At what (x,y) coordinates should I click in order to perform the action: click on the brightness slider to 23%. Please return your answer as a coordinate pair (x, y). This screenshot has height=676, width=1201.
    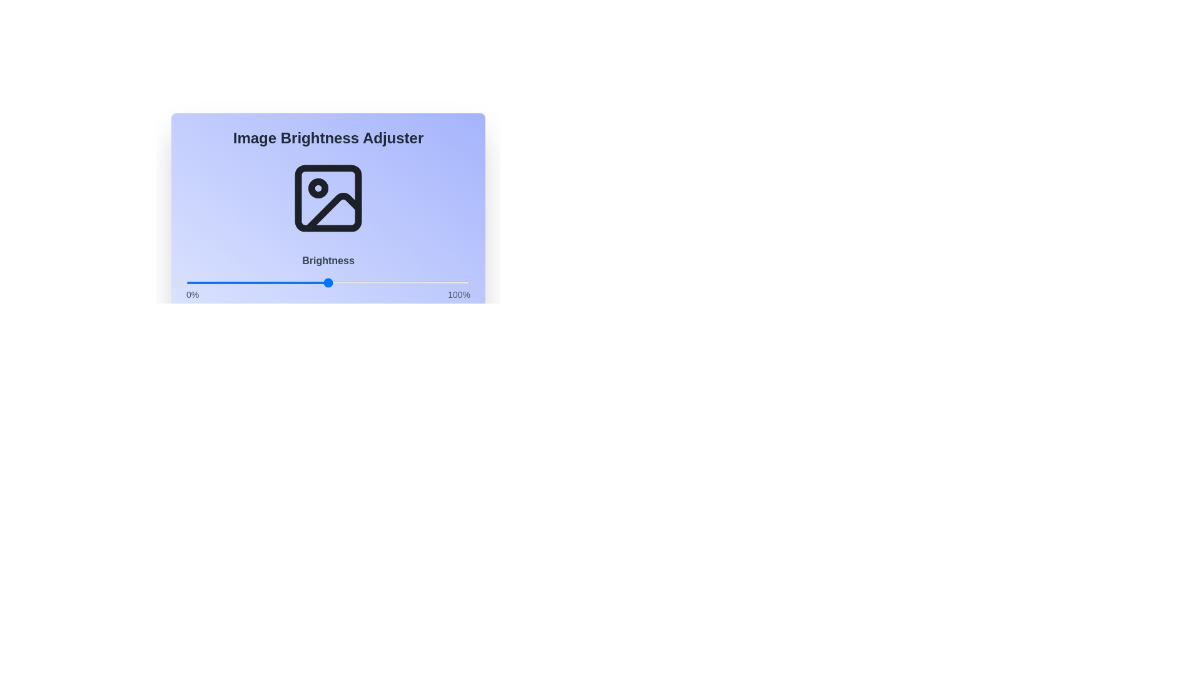
    Looking at the image, I should click on (251, 282).